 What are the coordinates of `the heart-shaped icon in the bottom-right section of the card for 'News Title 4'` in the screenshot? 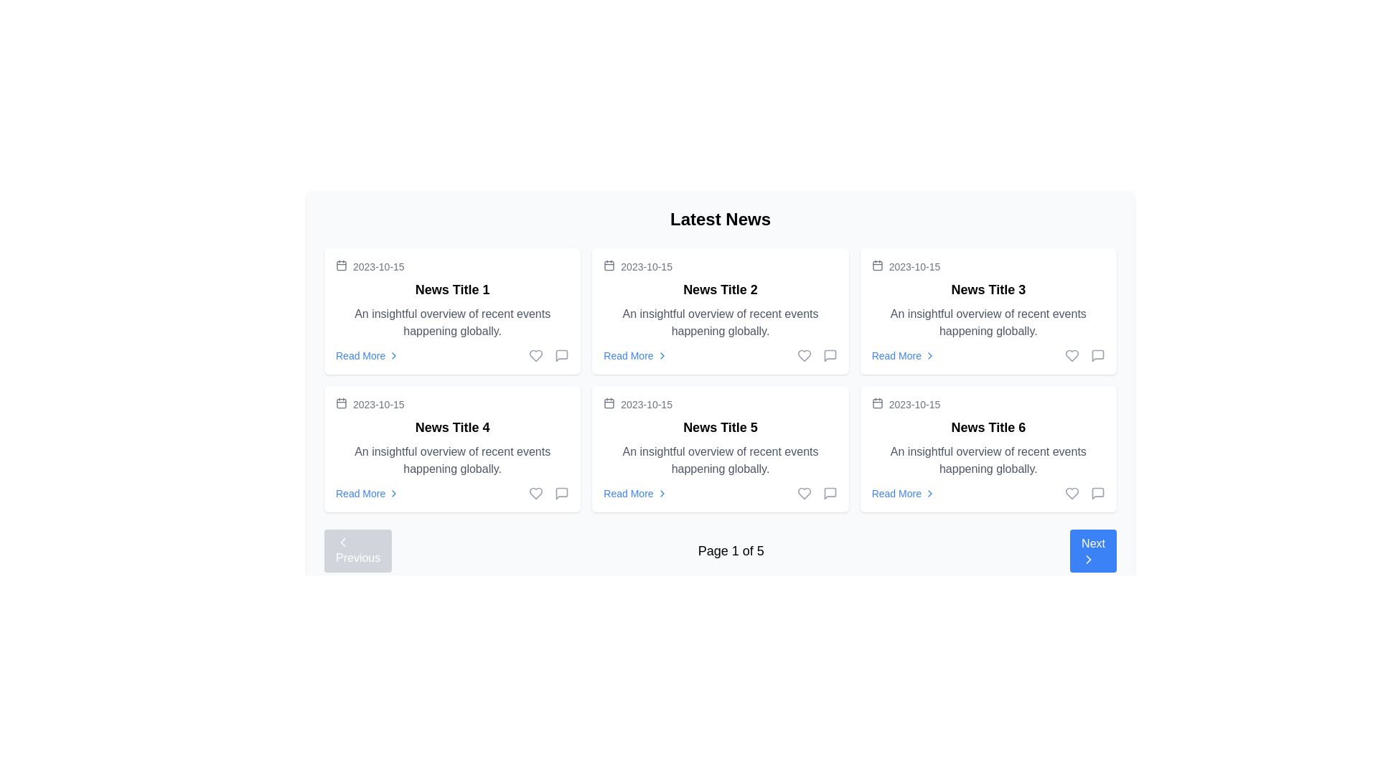 It's located at (535, 492).